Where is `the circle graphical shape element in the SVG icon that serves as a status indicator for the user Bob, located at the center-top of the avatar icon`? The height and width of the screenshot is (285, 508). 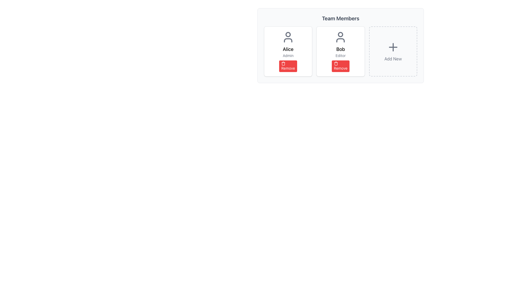 the circle graphical shape element in the SVG icon that serves as a status indicator for the user Bob, located at the center-top of the avatar icon is located at coordinates (341, 35).